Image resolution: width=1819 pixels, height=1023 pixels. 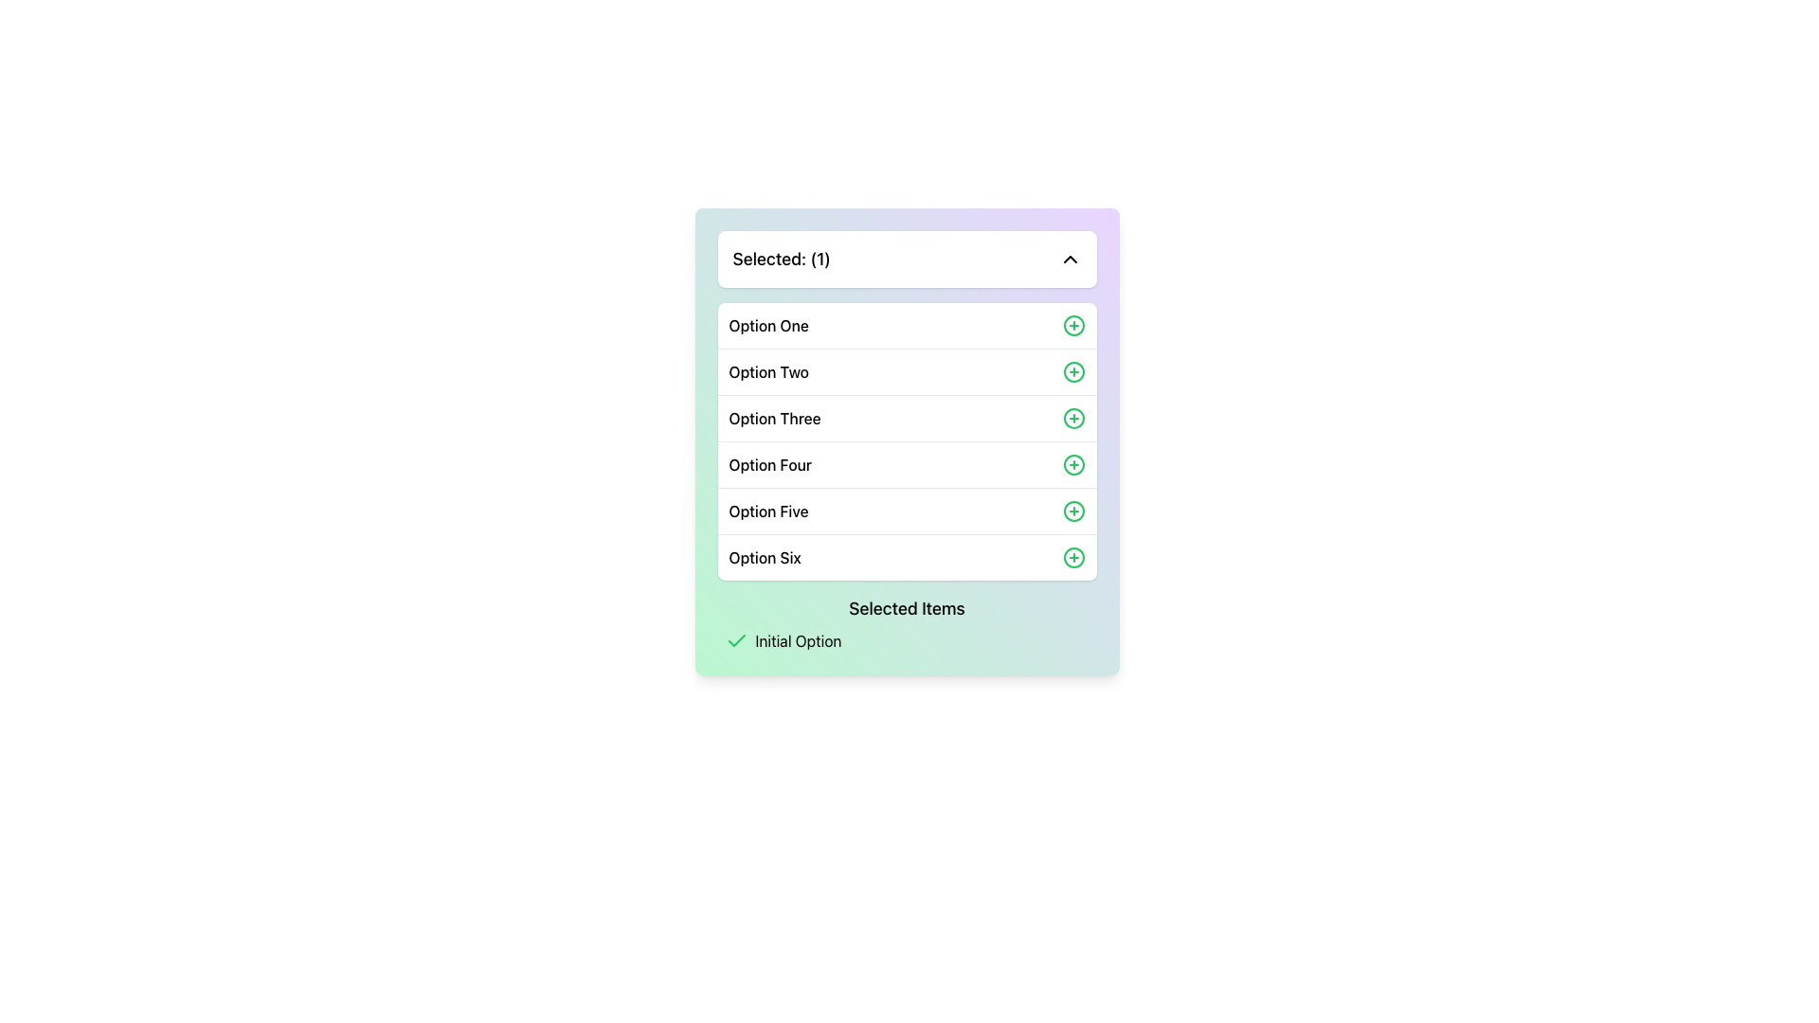 I want to click on the SVG circle element of the plus icon adjacent to the 'Option Six' label, so click(x=1073, y=557).